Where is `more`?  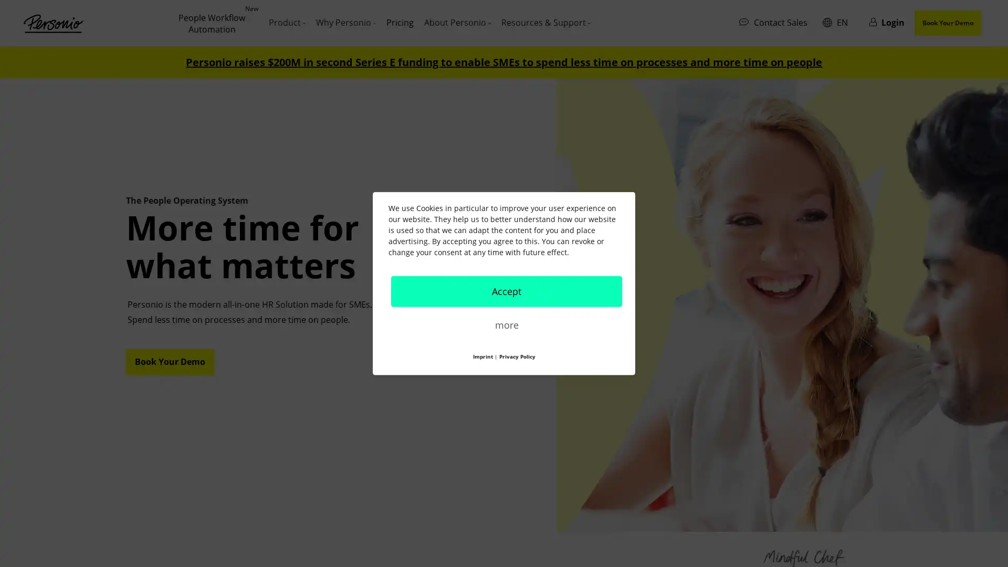 more is located at coordinates (506, 323).